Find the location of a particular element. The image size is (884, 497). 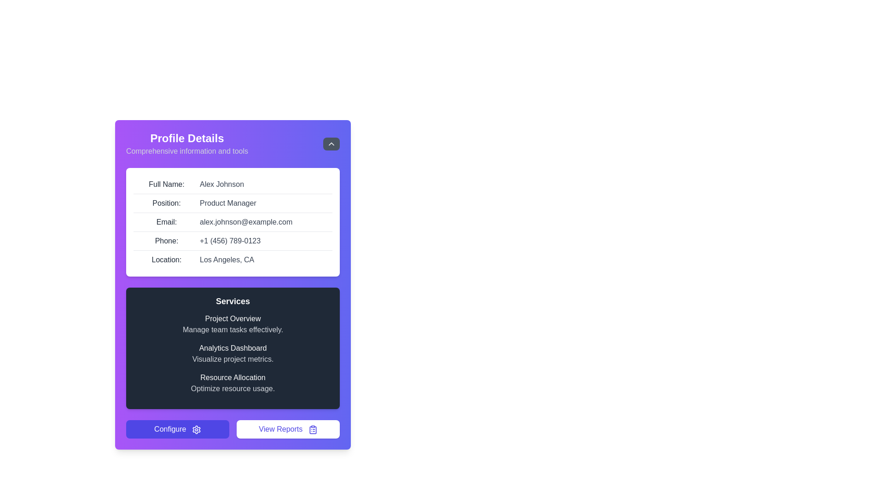

the upward-pointing chevron icon within the 'Profile Details' button in the top-right corner of the purple header is located at coordinates (331, 144).